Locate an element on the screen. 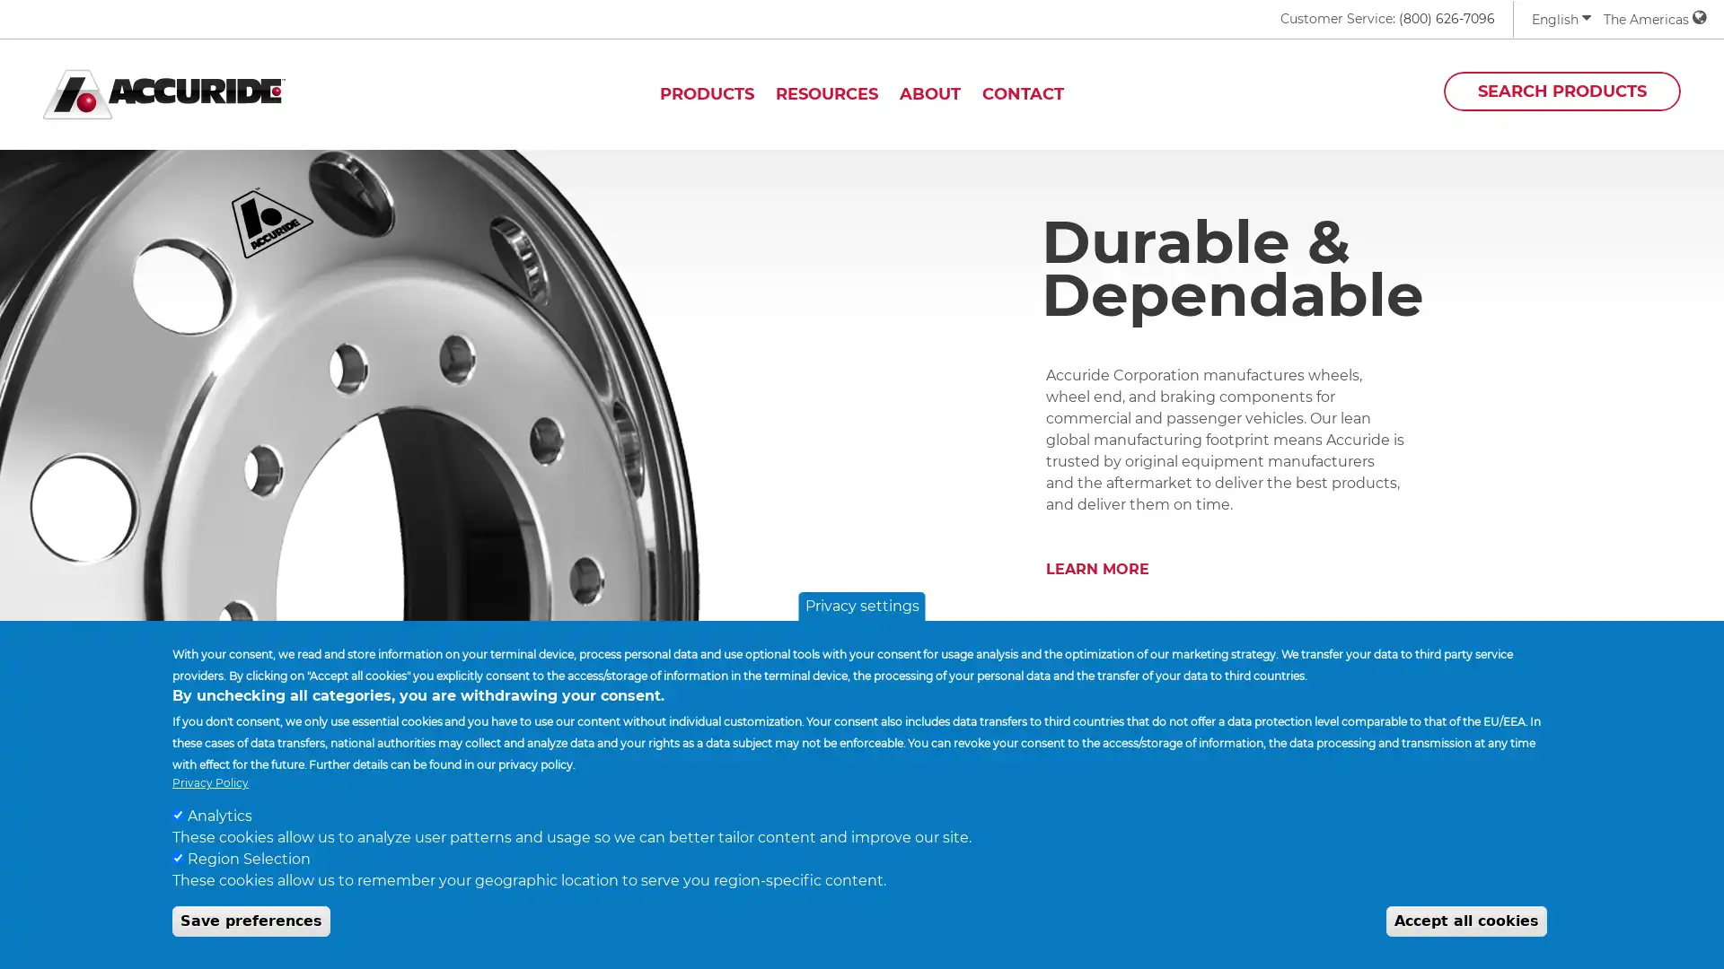 Image resolution: width=1724 pixels, height=969 pixels. Privacy Policy is located at coordinates (210, 781).